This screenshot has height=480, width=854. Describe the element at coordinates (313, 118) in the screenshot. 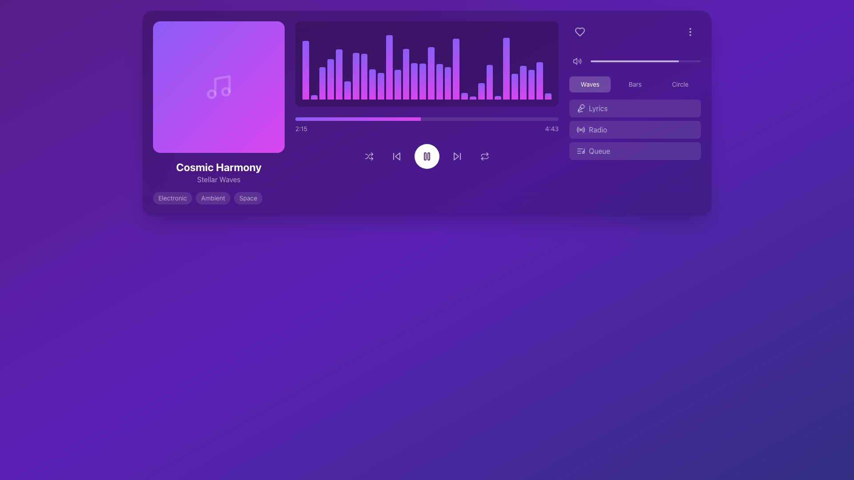

I see `the progress bar value` at that location.